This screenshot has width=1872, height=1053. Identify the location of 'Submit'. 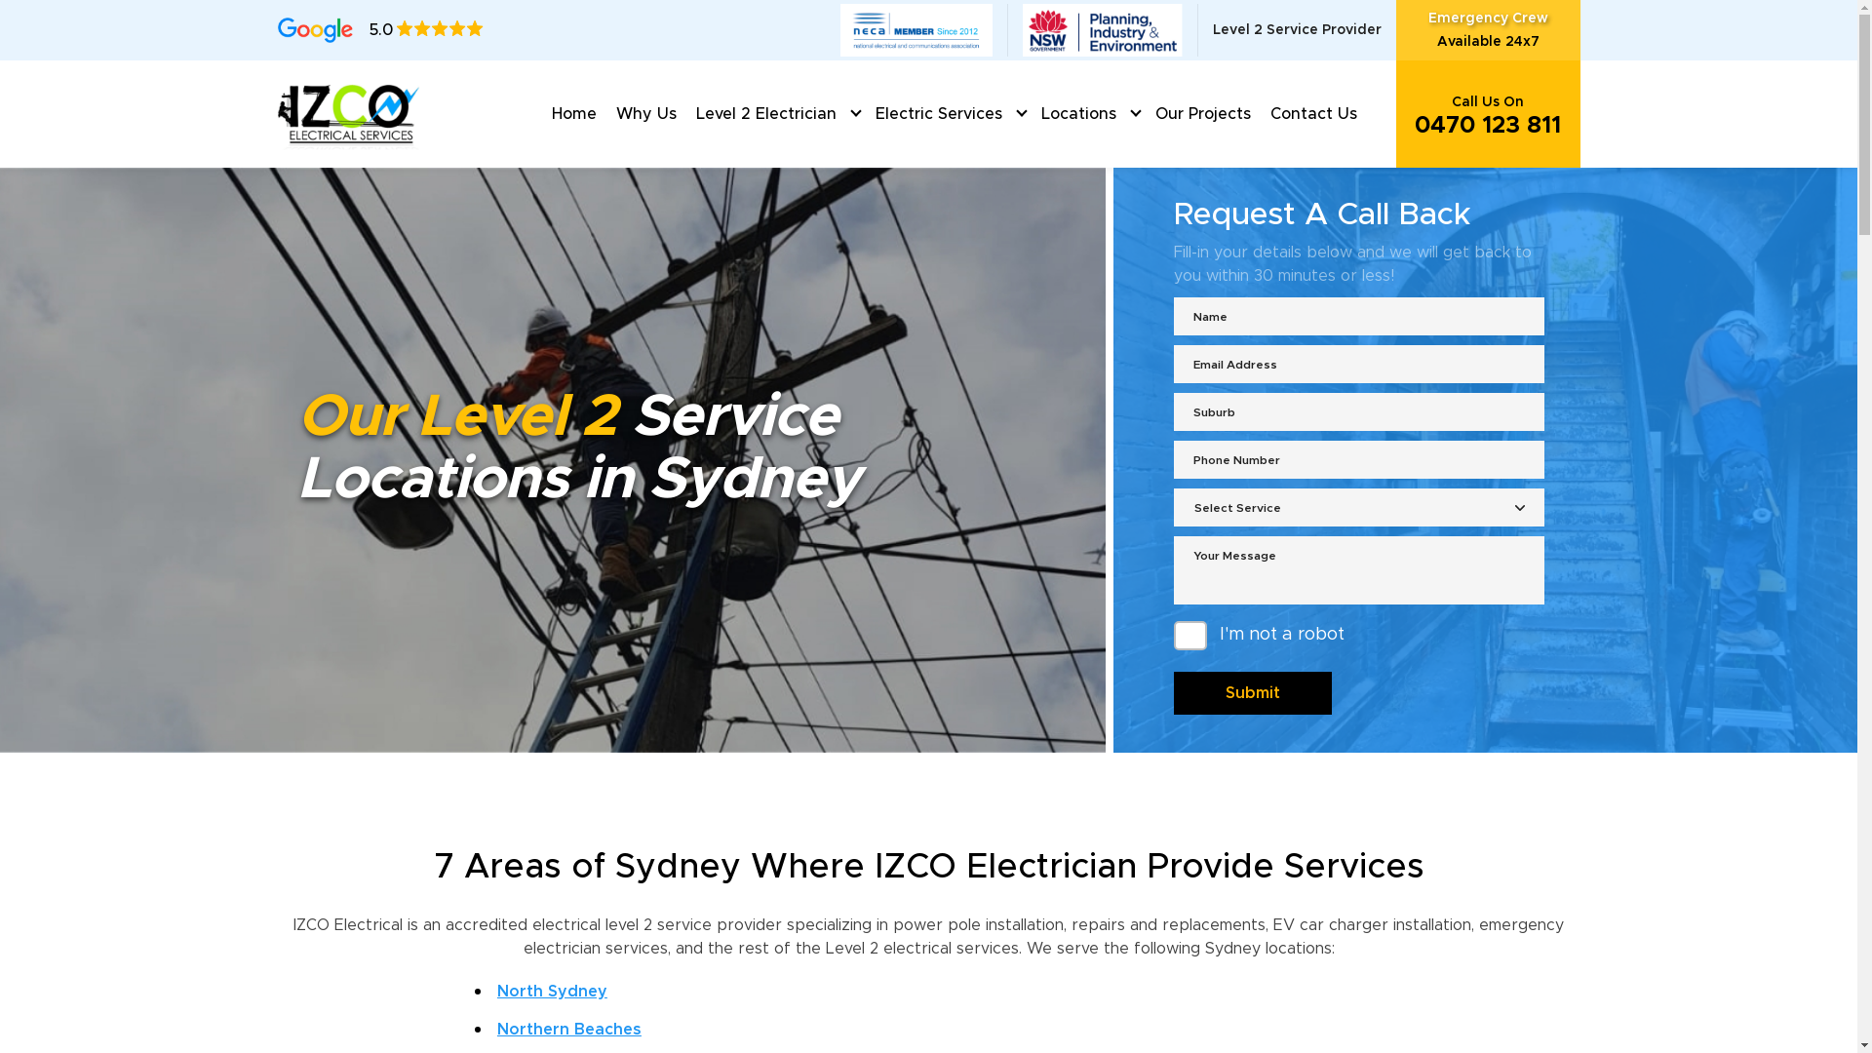
(1173, 691).